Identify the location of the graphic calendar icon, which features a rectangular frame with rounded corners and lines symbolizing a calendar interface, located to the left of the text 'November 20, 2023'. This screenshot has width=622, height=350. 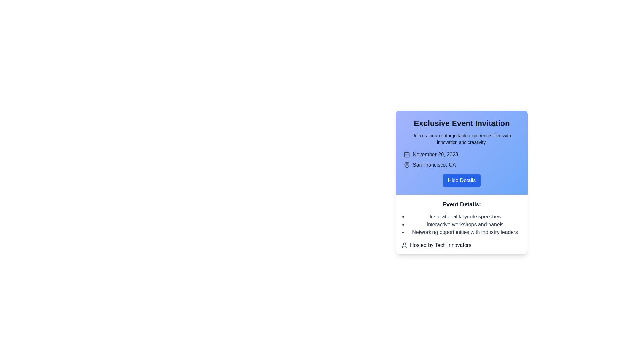
(407, 155).